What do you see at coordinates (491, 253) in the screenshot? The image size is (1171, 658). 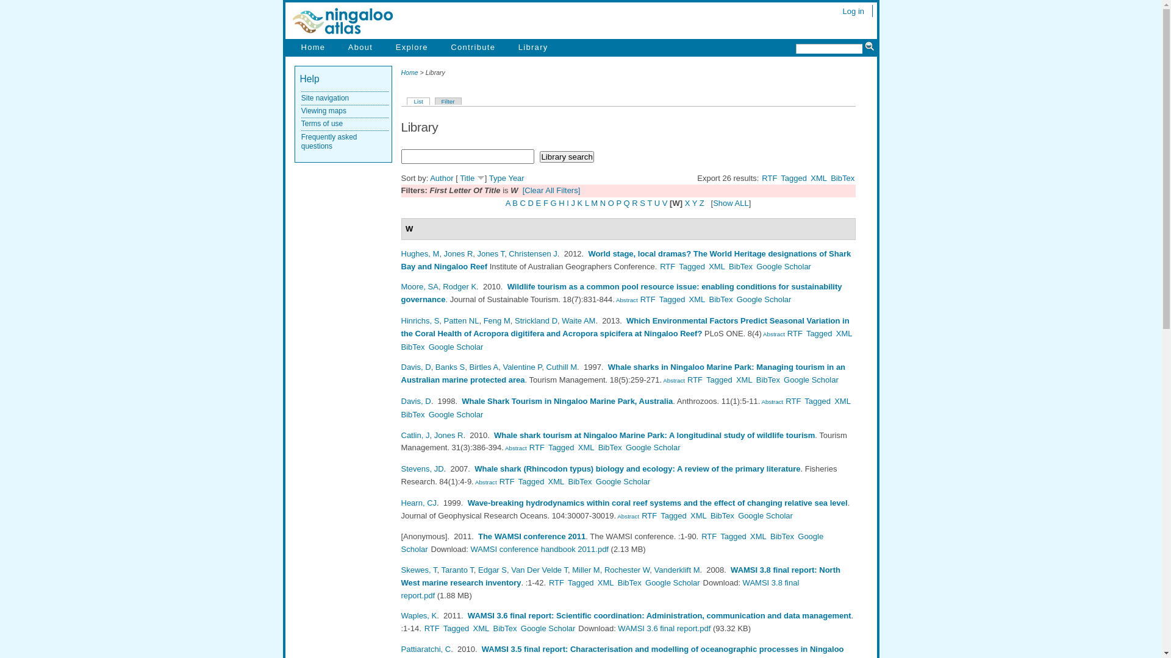 I see `'Jones T'` at bounding box center [491, 253].